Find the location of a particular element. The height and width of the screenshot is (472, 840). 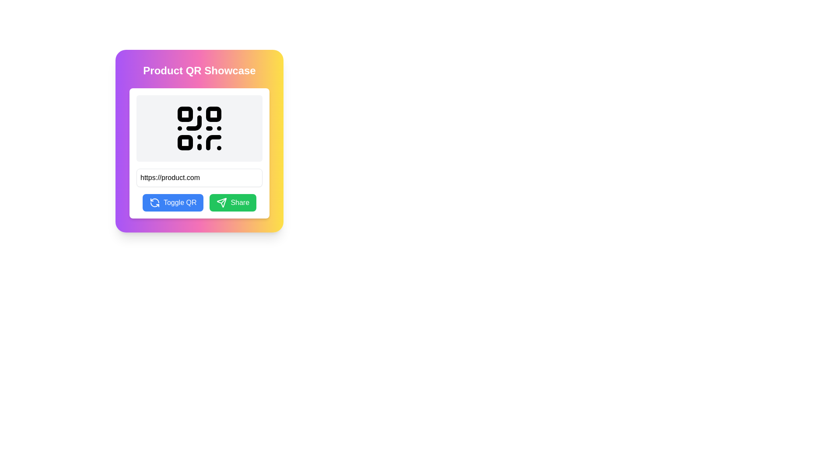

the blue 'Toggle QR' button with white text and a circular arrow icon is located at coordinates (199, 202).